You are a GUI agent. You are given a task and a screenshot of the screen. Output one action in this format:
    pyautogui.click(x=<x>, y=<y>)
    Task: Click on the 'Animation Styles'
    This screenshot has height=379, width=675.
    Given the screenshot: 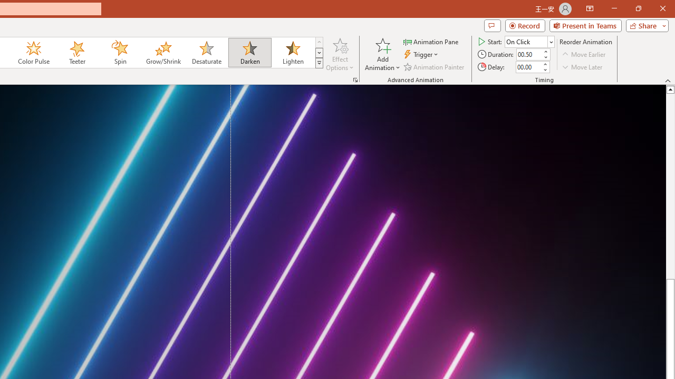 What is the action you would take?
    pyautogui.click(x=319, y=63)
    